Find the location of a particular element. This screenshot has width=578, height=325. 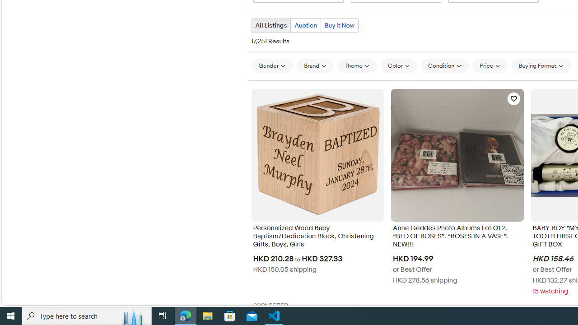

'Buying Format' is located at coordinates (541, 65).